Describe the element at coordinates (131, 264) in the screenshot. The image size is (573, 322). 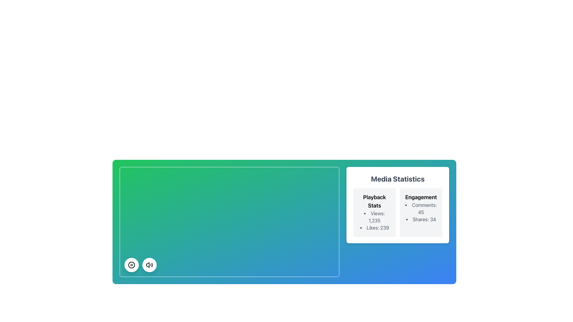
I see `the circular pause button with a black outline located in the bottom-left corner of the gradient panel` at that location.